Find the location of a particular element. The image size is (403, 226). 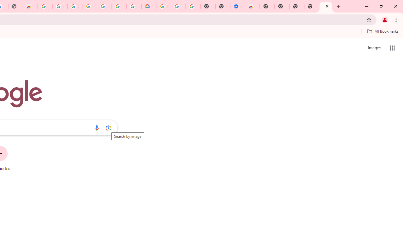

'New Tab' is located at coordinates (311, 6).